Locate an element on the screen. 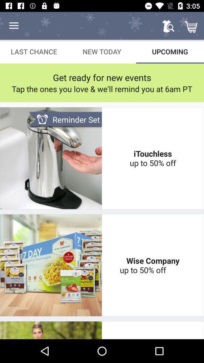 The image size is (204, 363). the icon to the left of itouchless up to icon is located at coordinates (65, 119).